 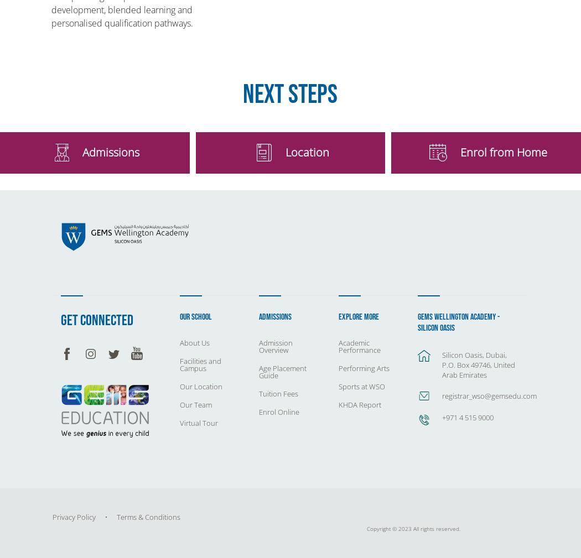 What do you see at coordinates (338, 317) in the screenshot?
I see `'Explore More'` at bounding box center [338, 317].